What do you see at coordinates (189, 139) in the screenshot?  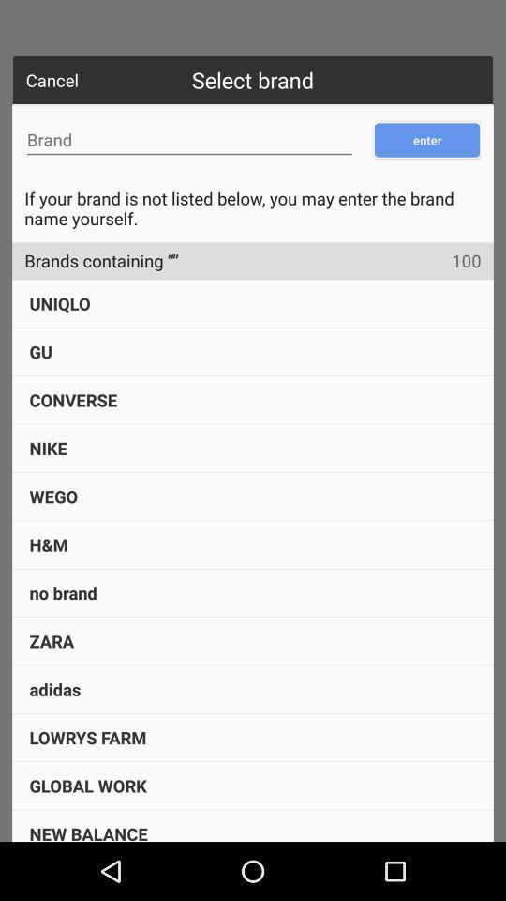 I see `search the brand` at bounding box center [189, 139].